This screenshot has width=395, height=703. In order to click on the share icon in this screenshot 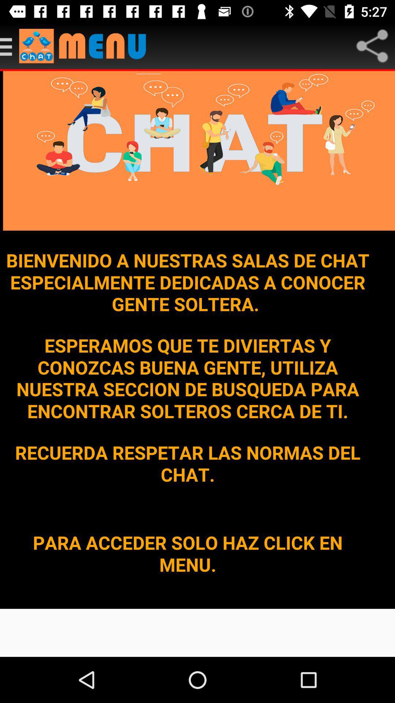, I will do `click(372, 45)`.